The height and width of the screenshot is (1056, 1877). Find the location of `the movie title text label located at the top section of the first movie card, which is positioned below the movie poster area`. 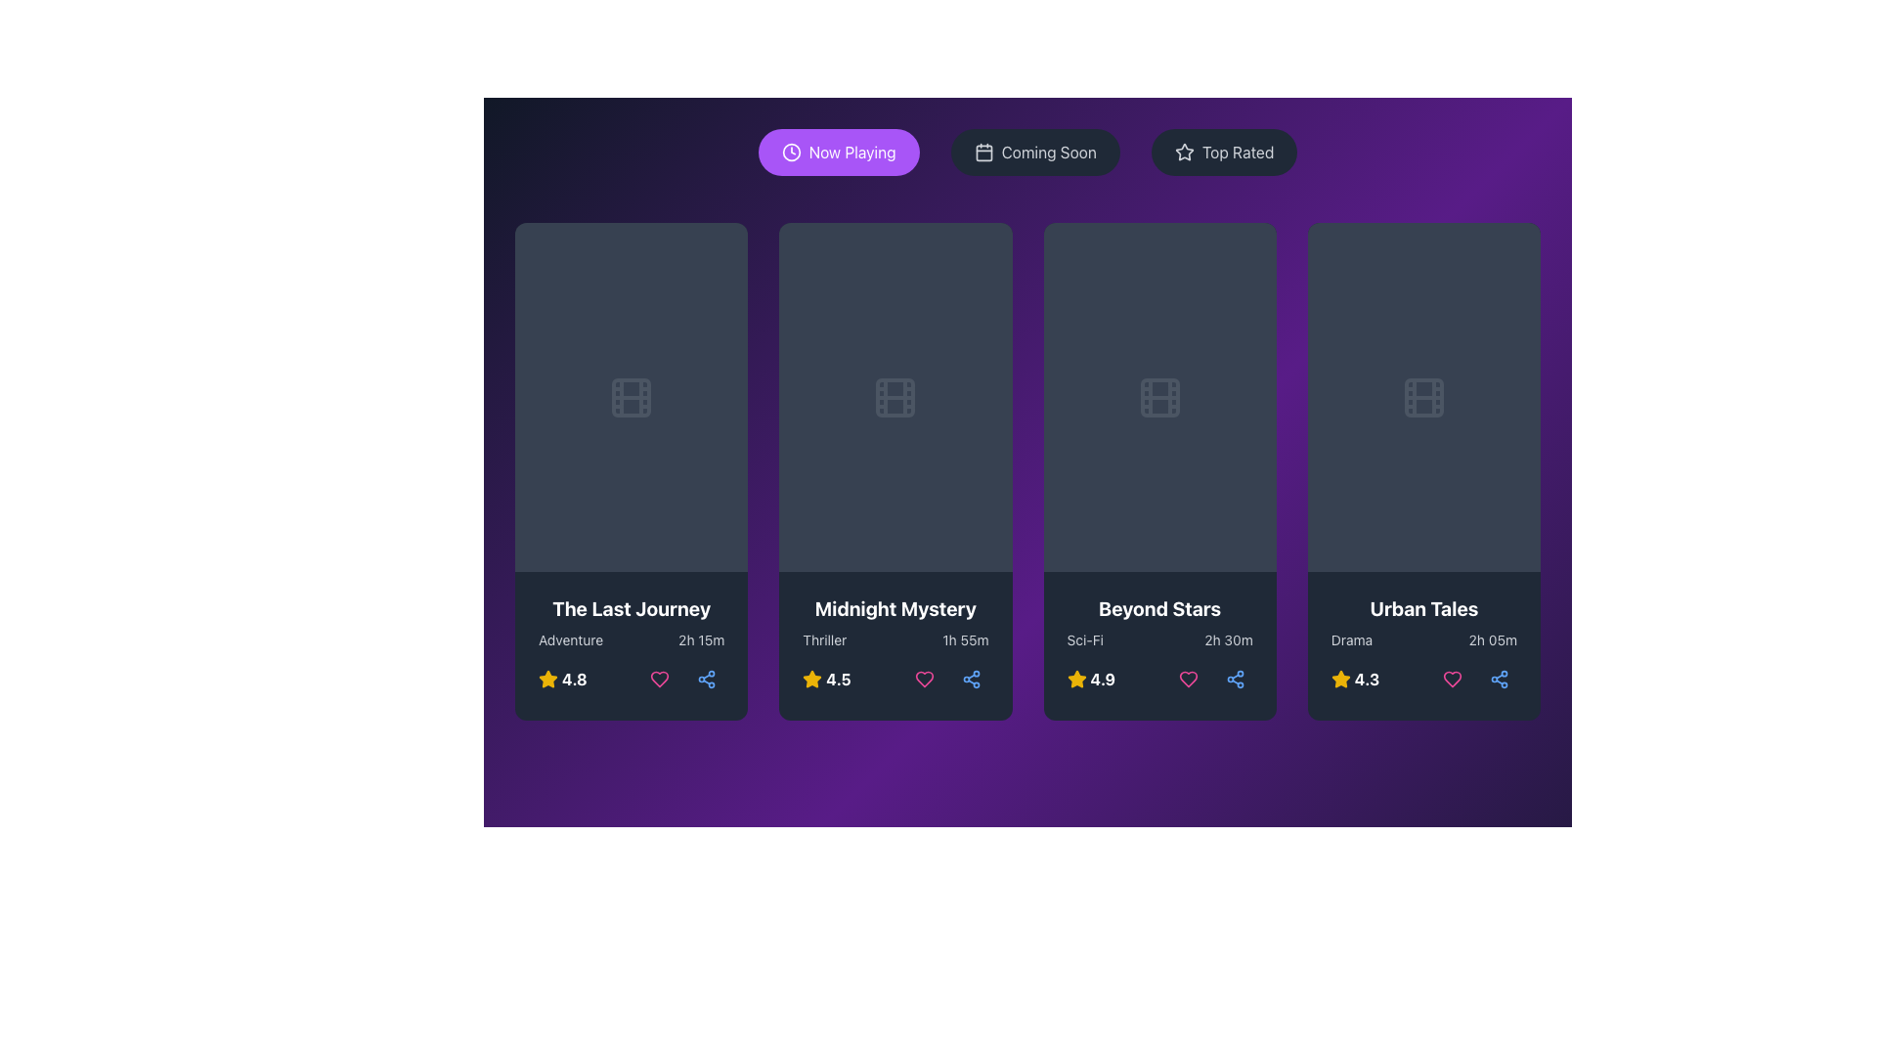

the movie title text label located at the top section of the first movie card, which is positioned below the movie poster area is located at coordinates (632, 608).